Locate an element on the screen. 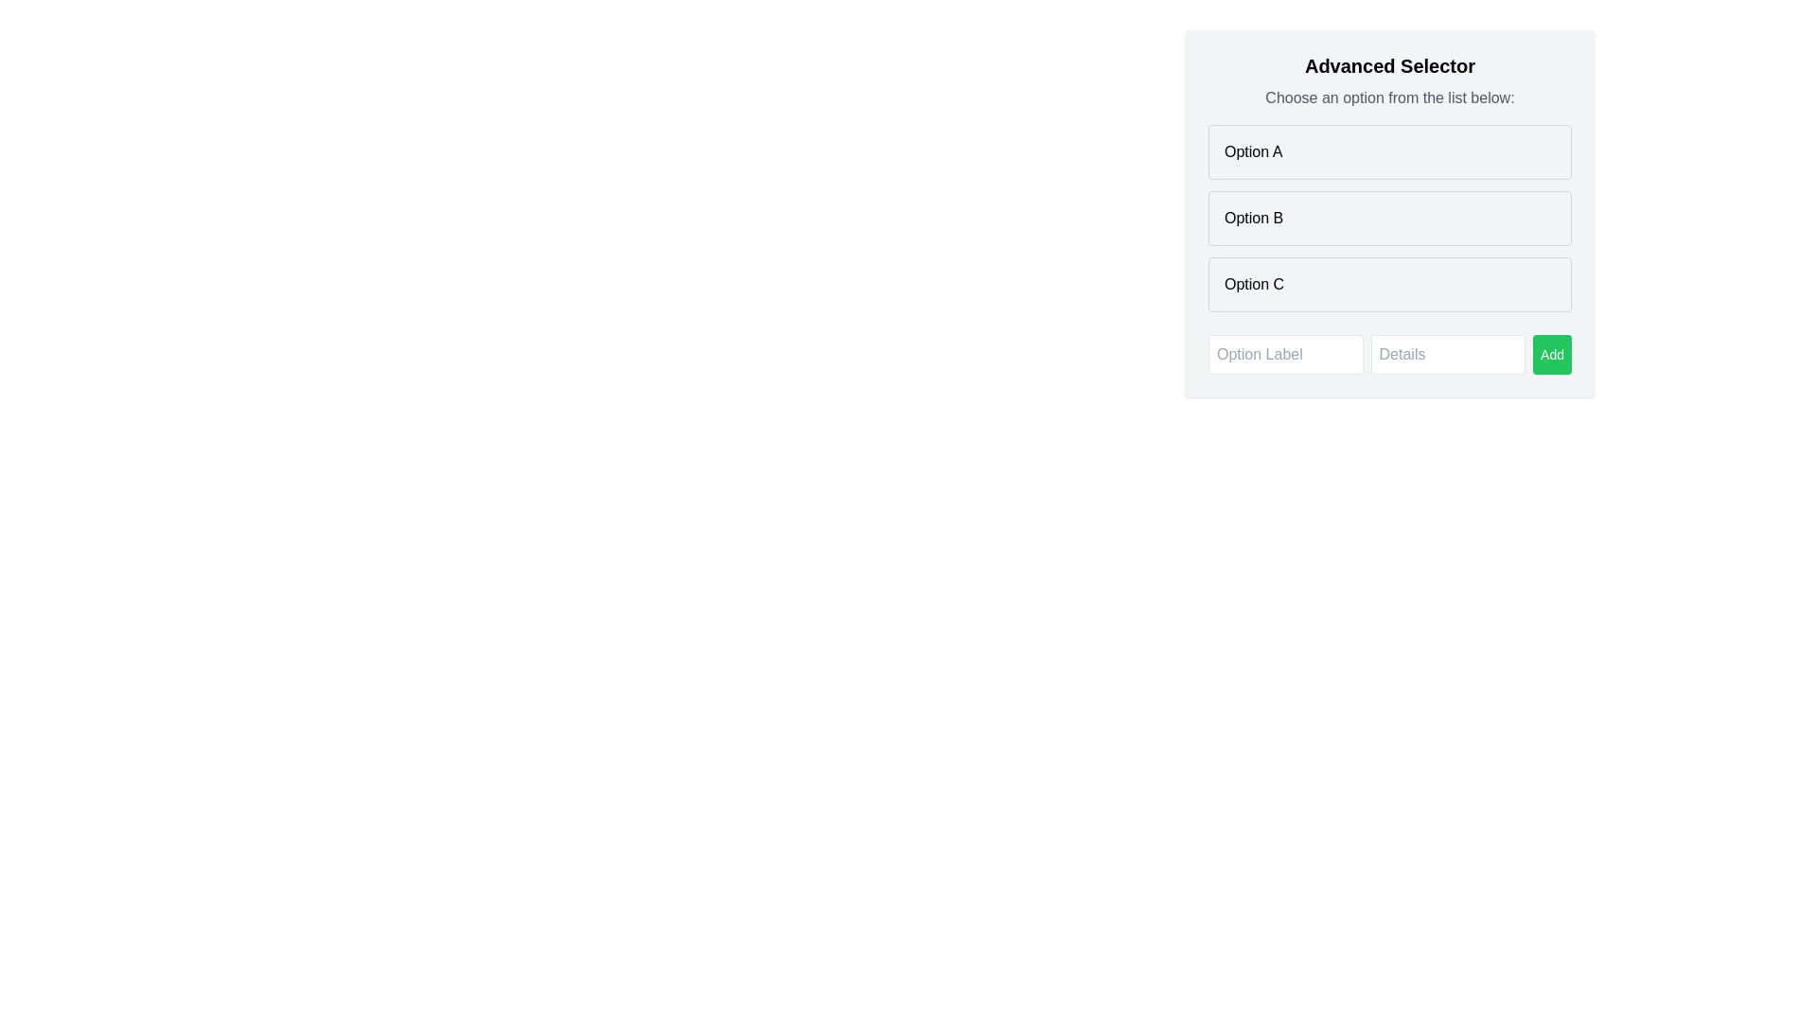 This screenshot has height=1022, width=1817. the selectable list item labeled 'Option C' which is a horizontally elongated rectangle with a light gray background is located at coordinates (1389, 284).